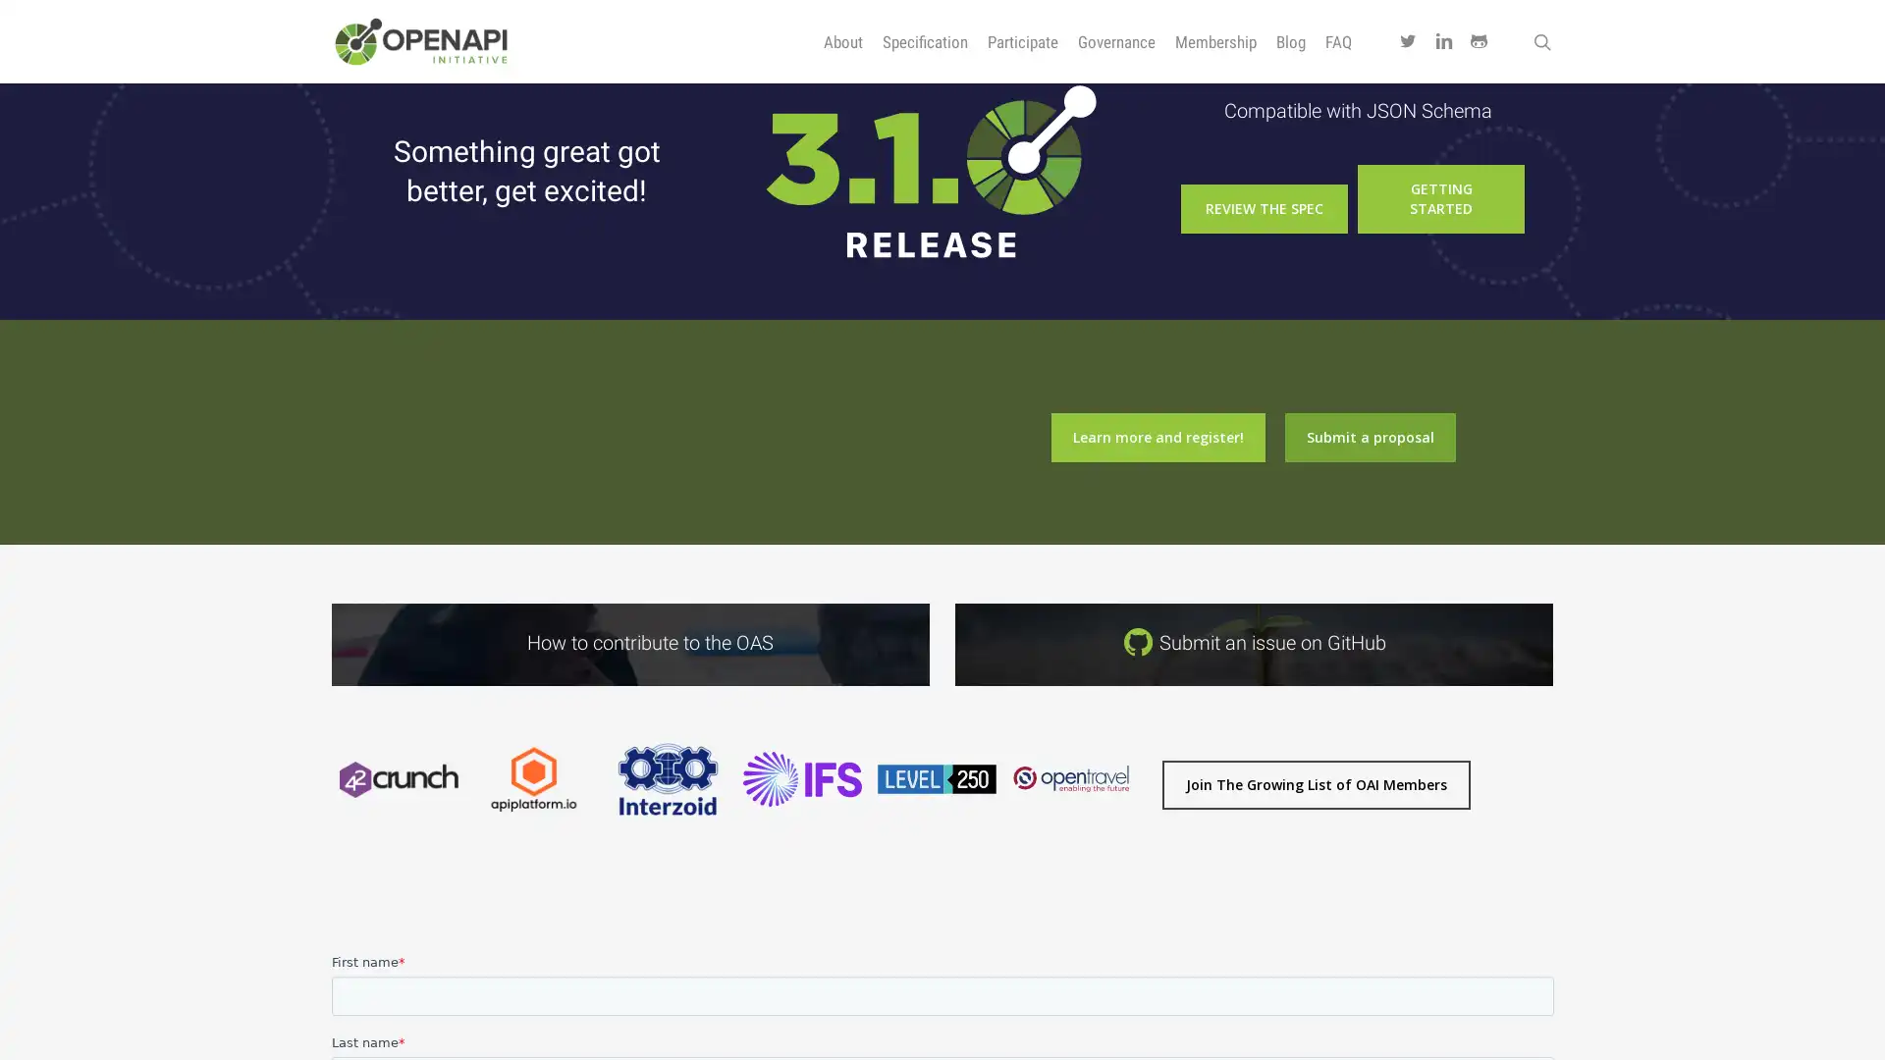  What do you see at coordinates (320, 843) in the screenshot?
I see `Previous` at bounding box center [320, 843].